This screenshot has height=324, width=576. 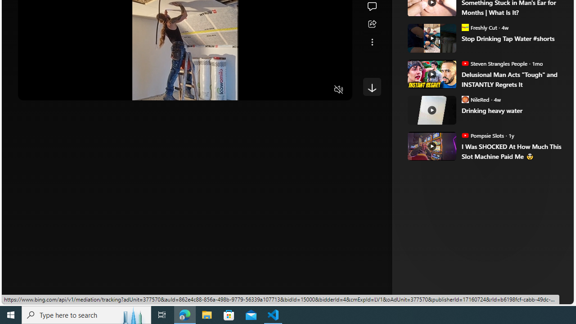 I want to click on 'Pompsie Slots', so click(x=465, y=135).